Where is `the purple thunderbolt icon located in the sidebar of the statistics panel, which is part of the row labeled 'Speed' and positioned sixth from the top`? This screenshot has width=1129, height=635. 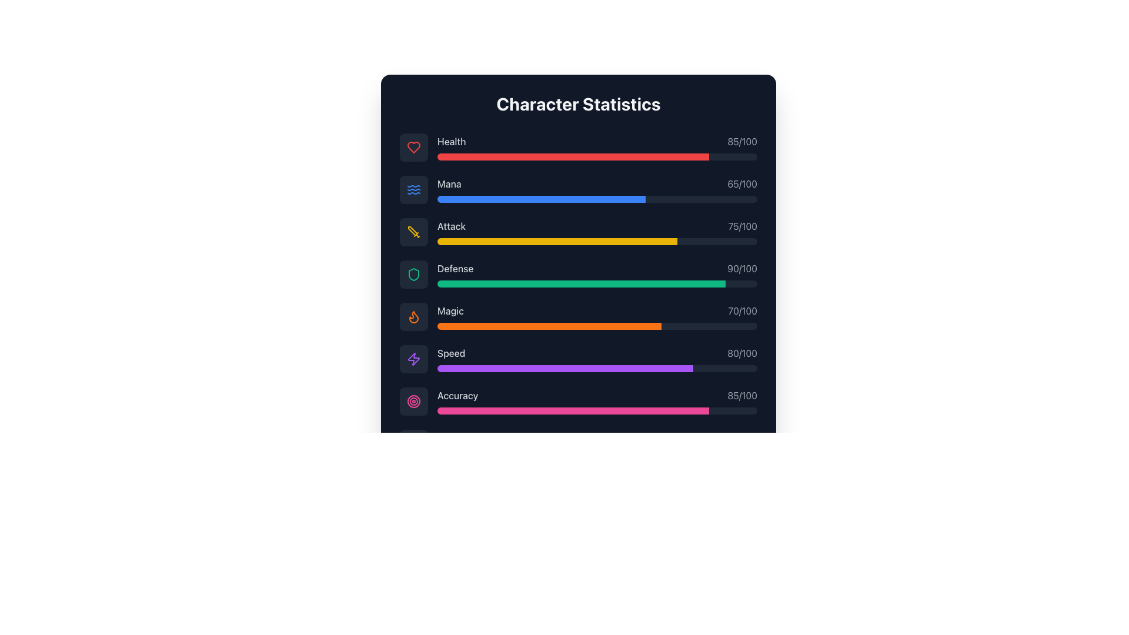 the purple thunderbolt icon located in the sidebar of the statistics panel, which is part of the row labeled 'Speed' and positioned sixth from the top is located at coordinates (414, 358).